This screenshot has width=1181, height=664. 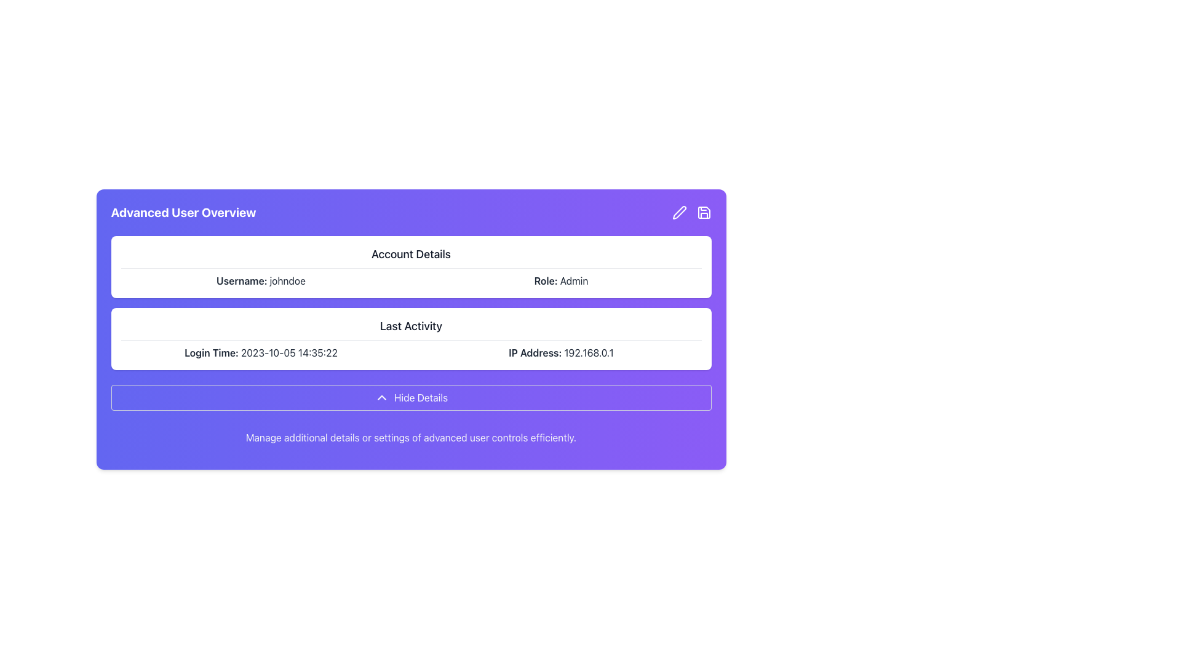 What do you see at coordinates (260, 280) in the screenshot?
I see `the username displayed in the text label located in the top-left corner of the account details section, aligned with the 'Role: Admin' label` at bounding box center [260, 280].